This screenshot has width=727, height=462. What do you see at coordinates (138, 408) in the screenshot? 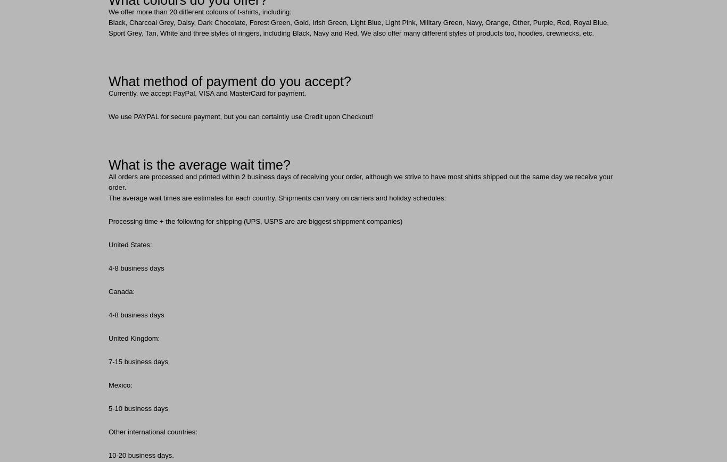
I see `'5-10 business days'` at bounding box center [138, 408].